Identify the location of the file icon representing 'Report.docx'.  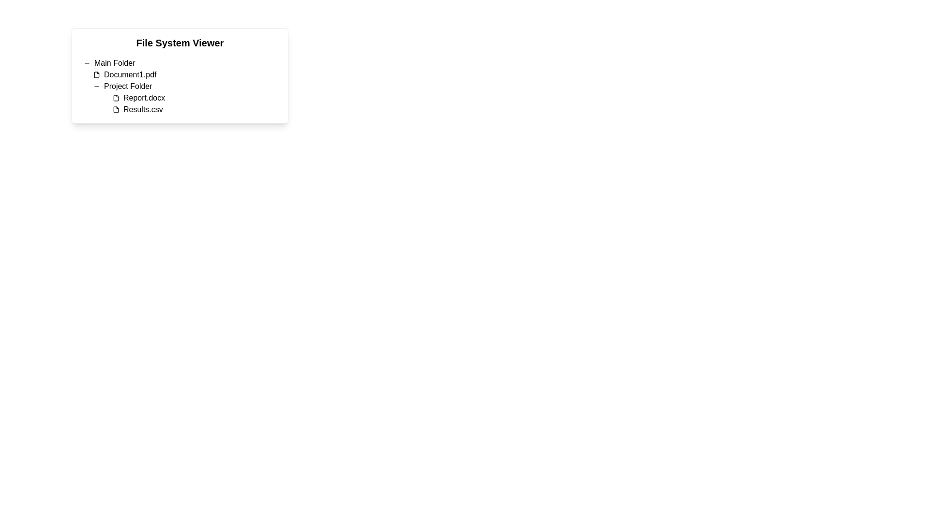
(116, 98).